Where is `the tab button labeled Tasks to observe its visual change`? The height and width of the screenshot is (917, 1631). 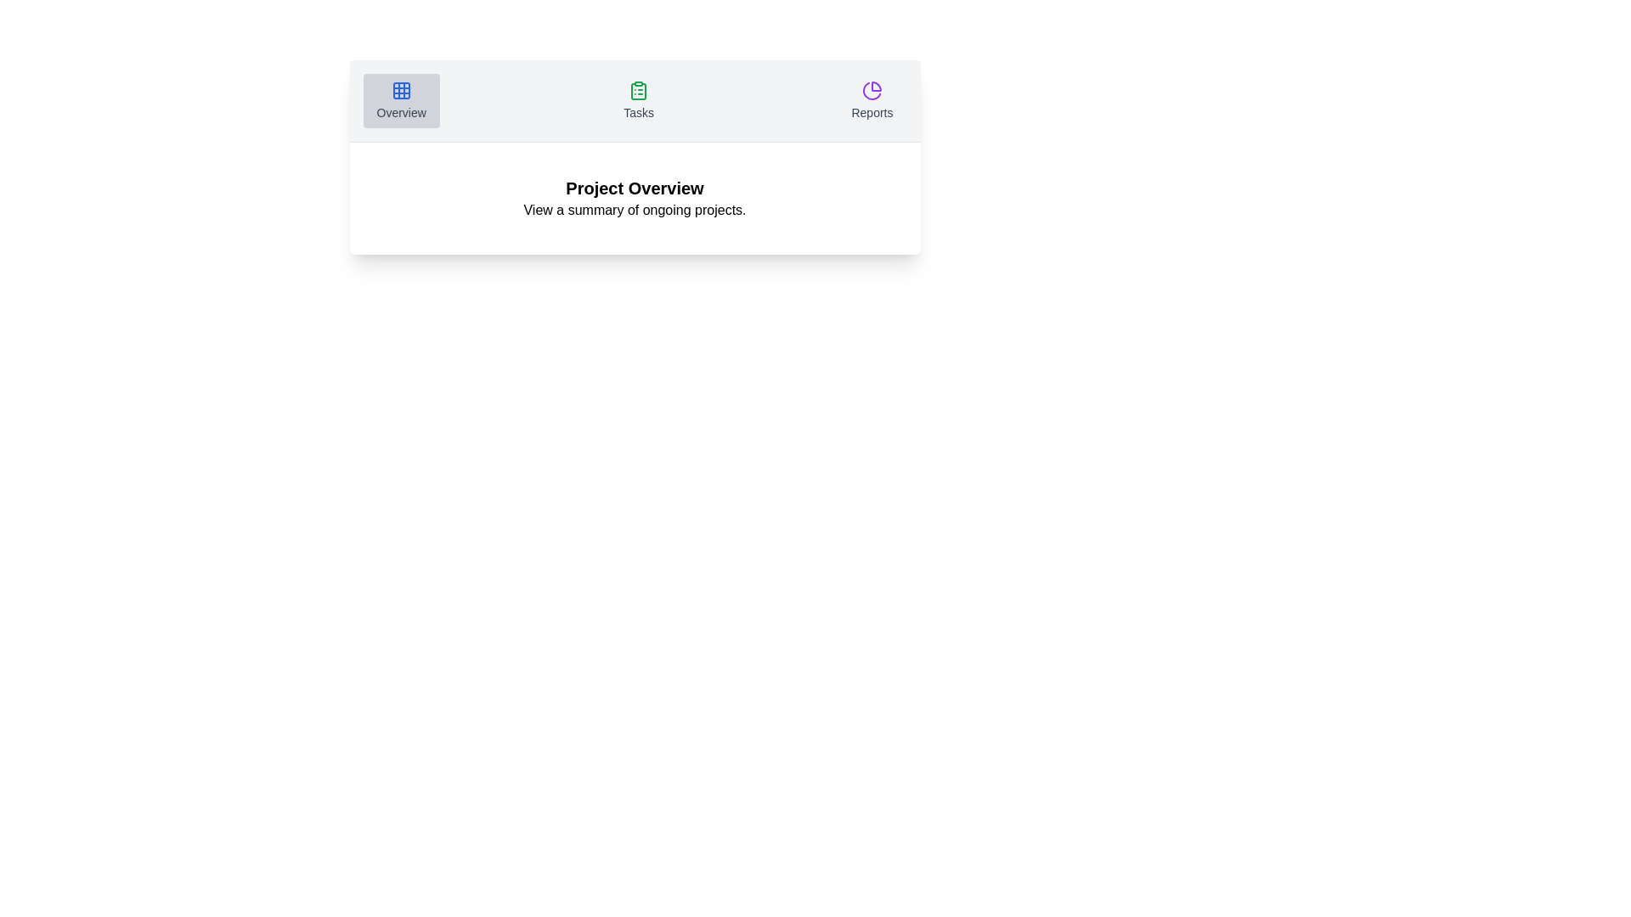 the tab button labeled Tasks to observe its visual change is located at coordinates (638, 101).